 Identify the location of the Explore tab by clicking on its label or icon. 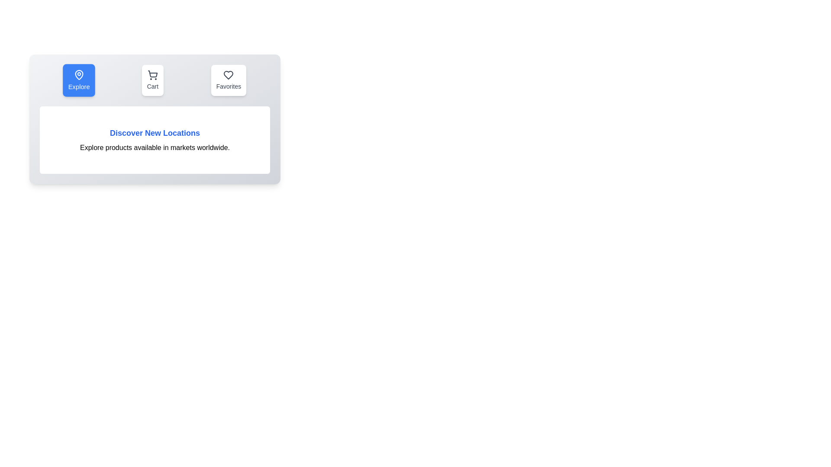
(79, 80).